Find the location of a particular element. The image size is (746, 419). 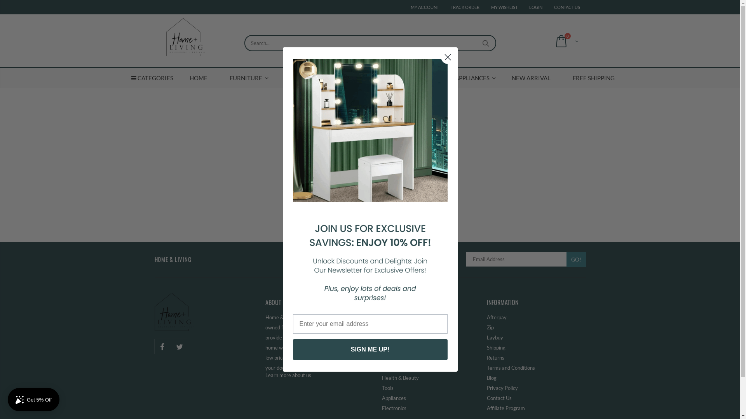

'Terms and Conditions' is located at coordinates (511, 367).